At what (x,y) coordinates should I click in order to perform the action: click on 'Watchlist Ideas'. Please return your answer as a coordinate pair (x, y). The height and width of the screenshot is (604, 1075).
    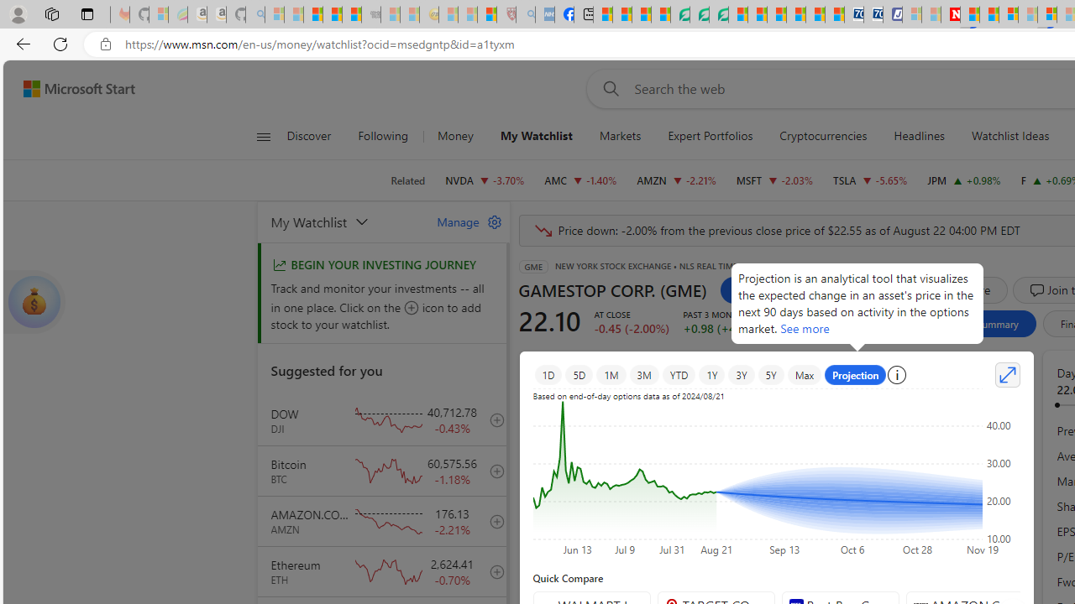
    Looking at the image, I should click on (1009, 136).